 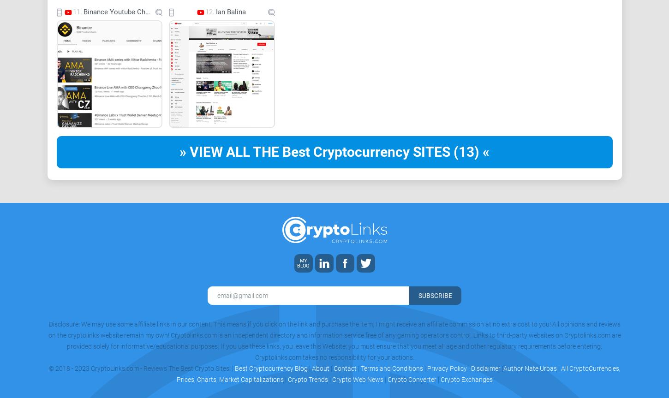 I want to click on 'Best Cryptocurrency Blog', so click(x=270, y=368).